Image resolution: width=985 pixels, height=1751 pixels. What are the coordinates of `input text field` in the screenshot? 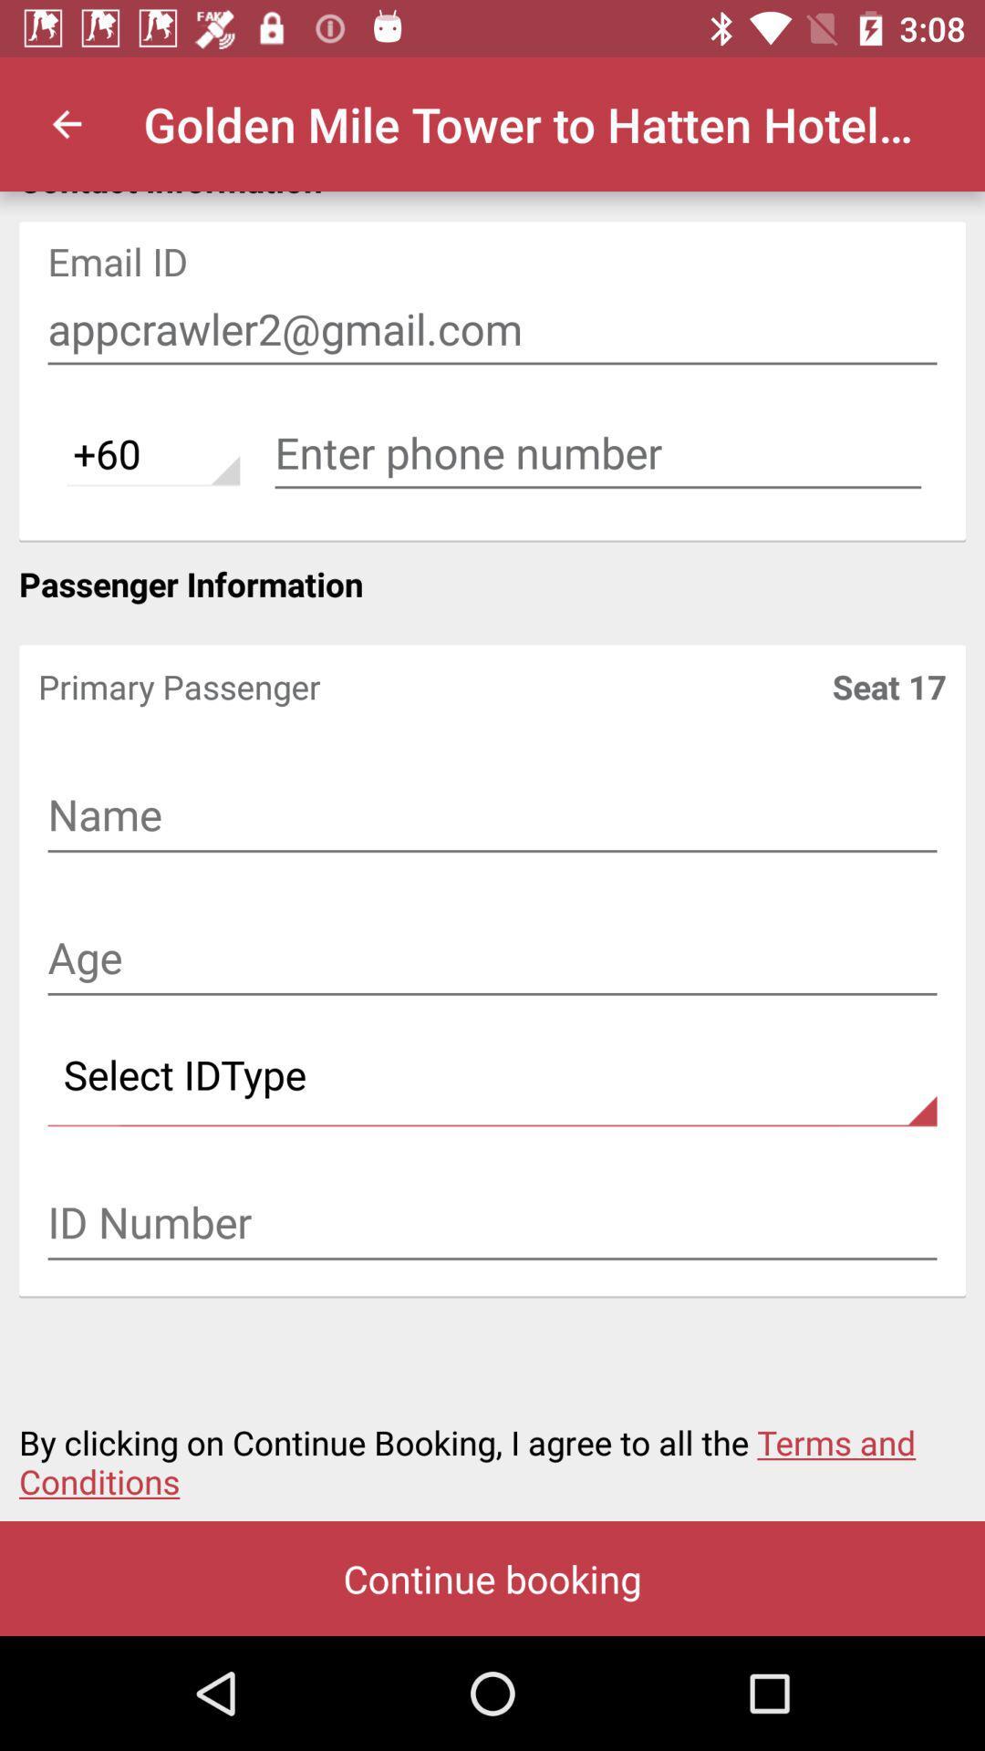 It's located at (493, 1225).